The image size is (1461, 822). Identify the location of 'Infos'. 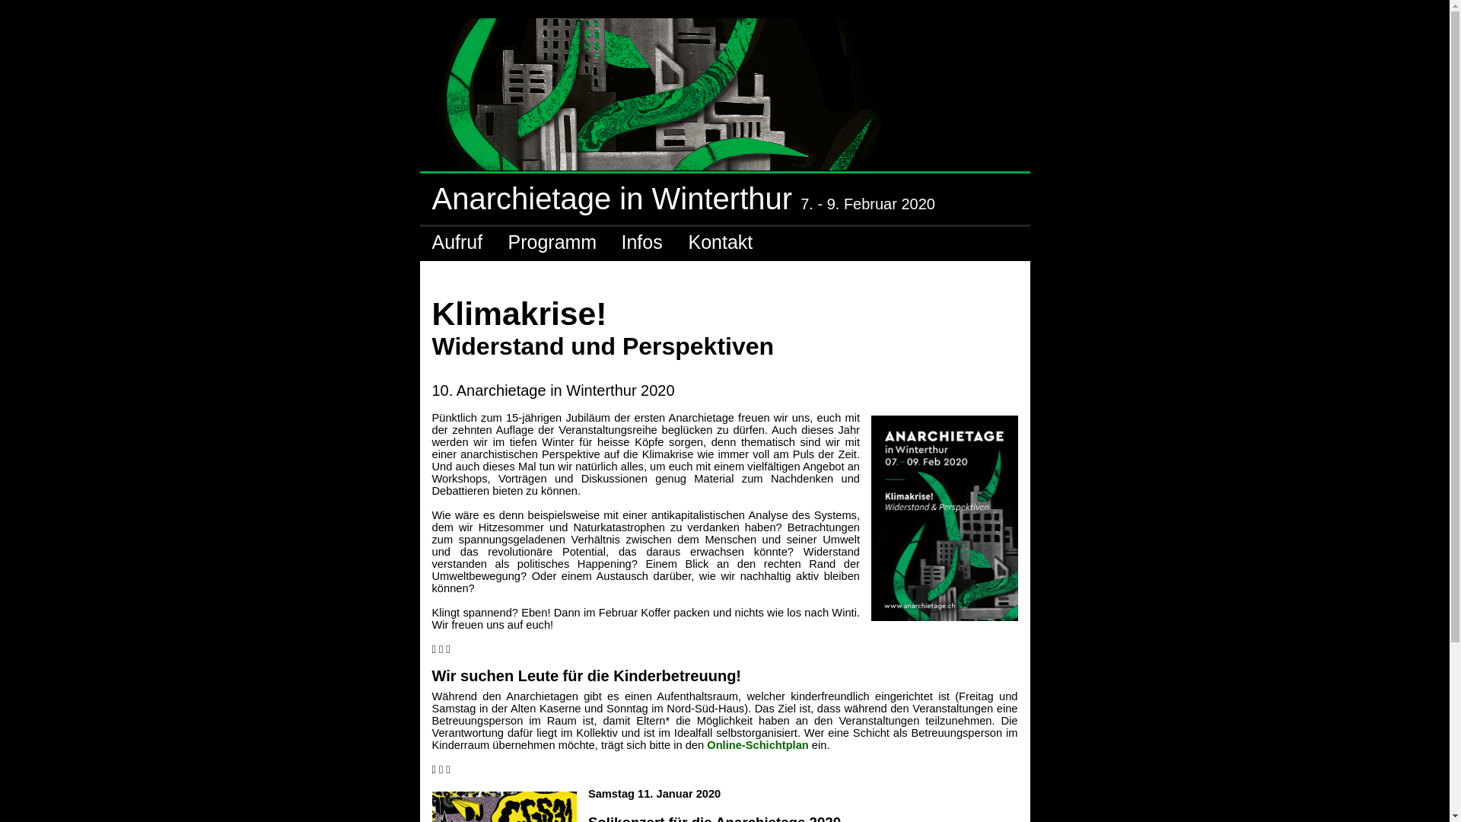
(642, 241).